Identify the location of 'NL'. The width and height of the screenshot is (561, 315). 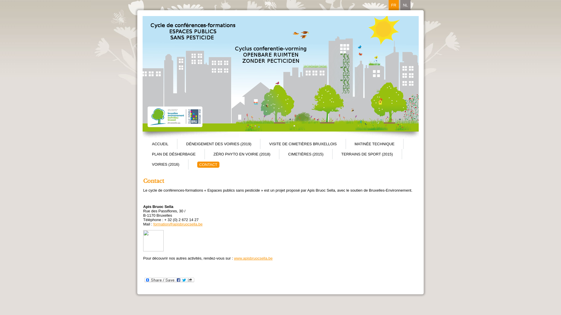
(405, 5).